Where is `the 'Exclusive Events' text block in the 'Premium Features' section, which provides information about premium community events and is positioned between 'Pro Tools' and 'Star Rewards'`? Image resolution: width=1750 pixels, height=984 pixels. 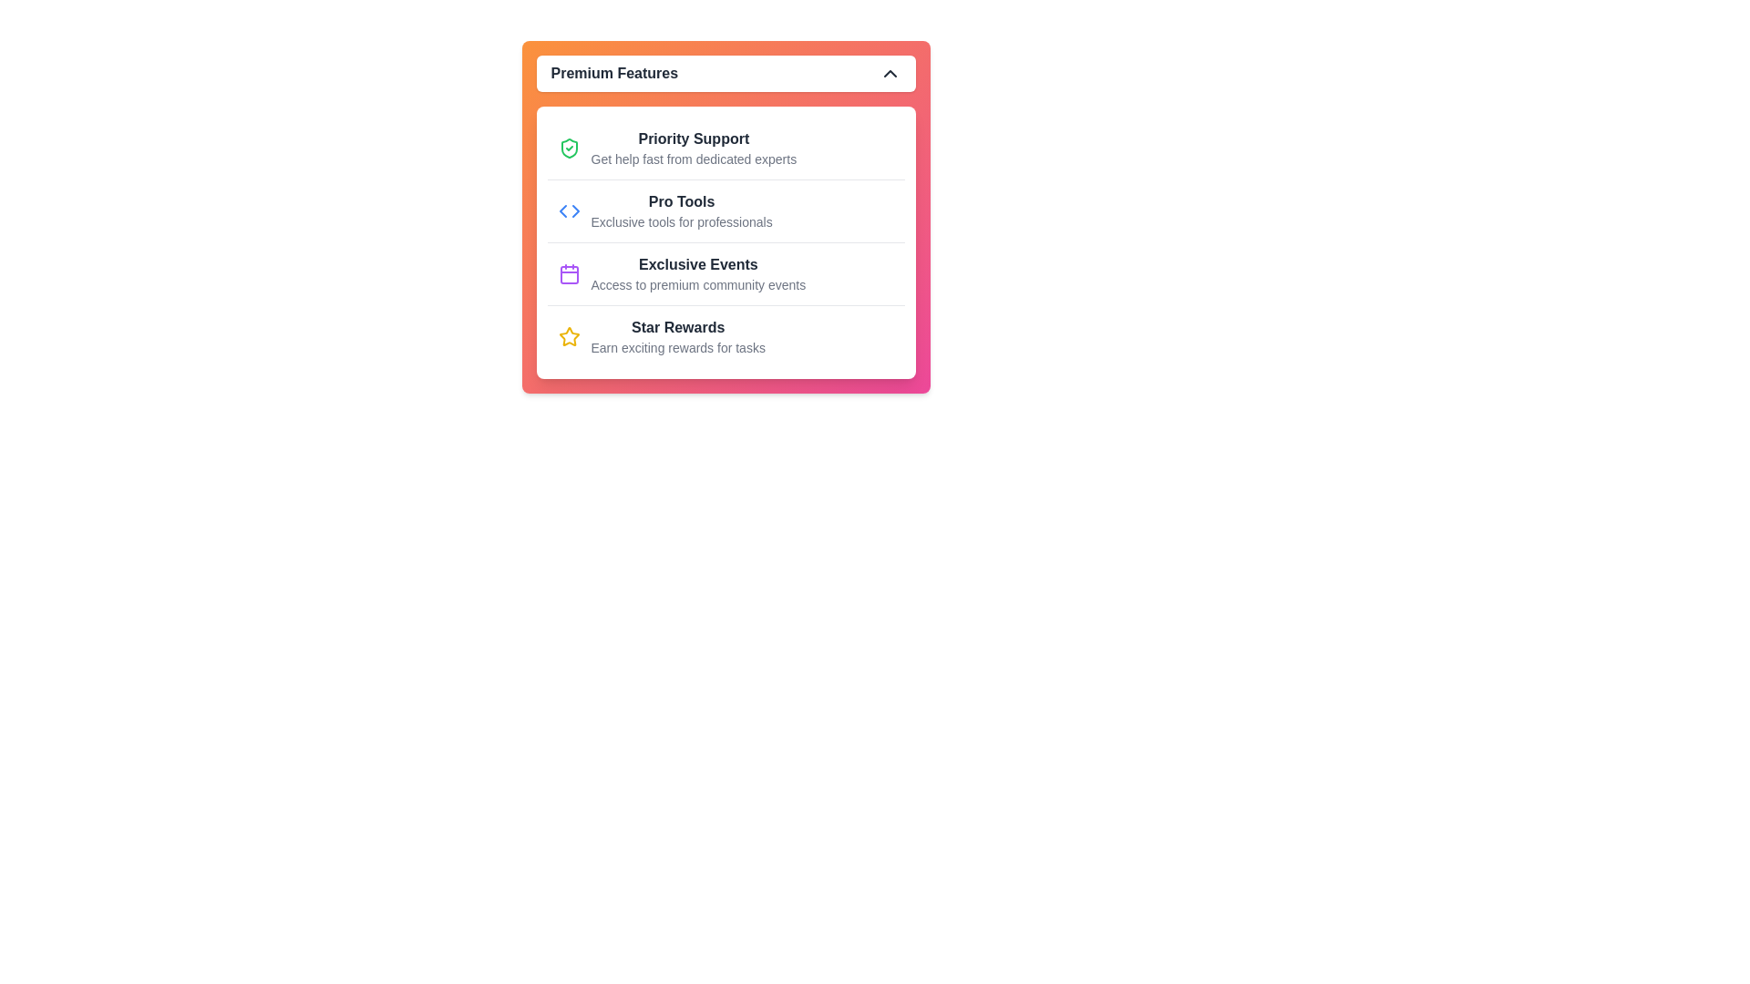
the 'Exclusive Events' text block in the 'Premium Features' section, which provides information about premium community events and is positioned between 'Pro Tools' and 'Star Rewards' is located at coordinates (697, 273).